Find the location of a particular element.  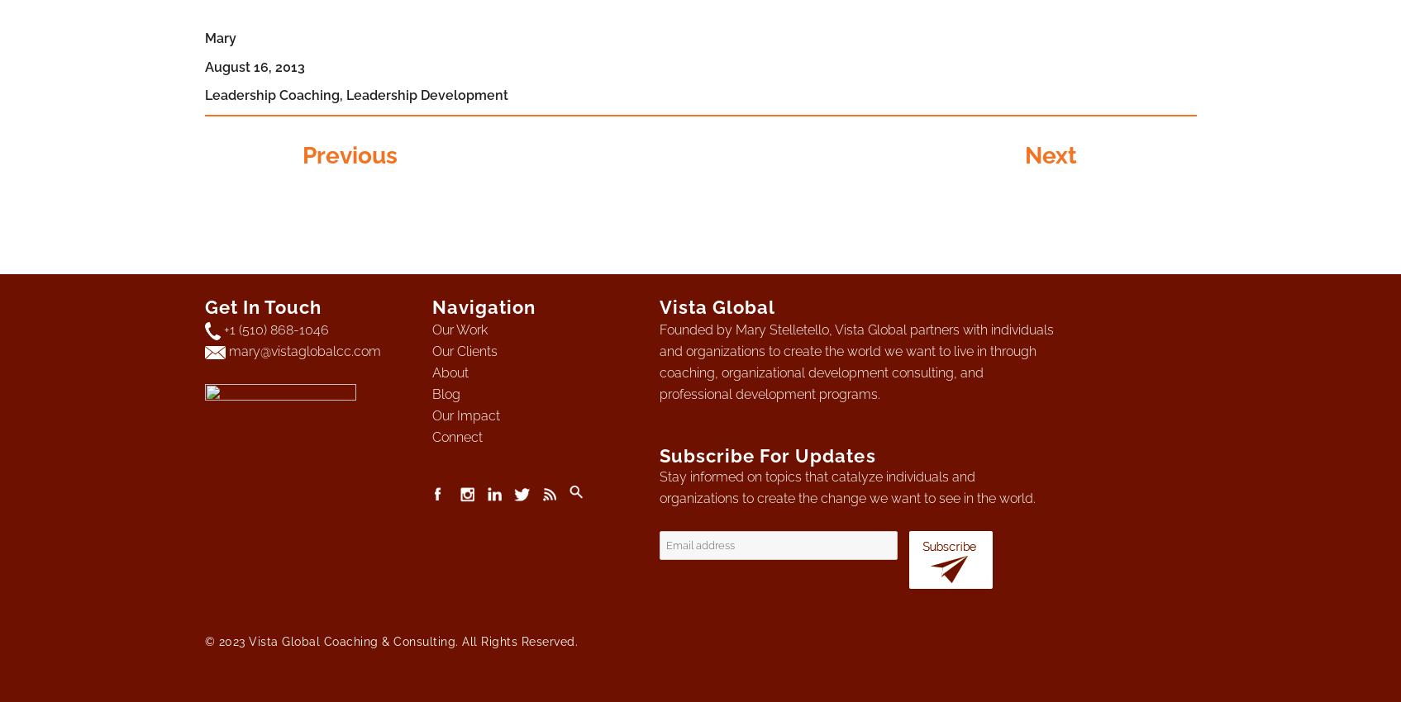

'Our Impact' is located at coordinates (465, 415).